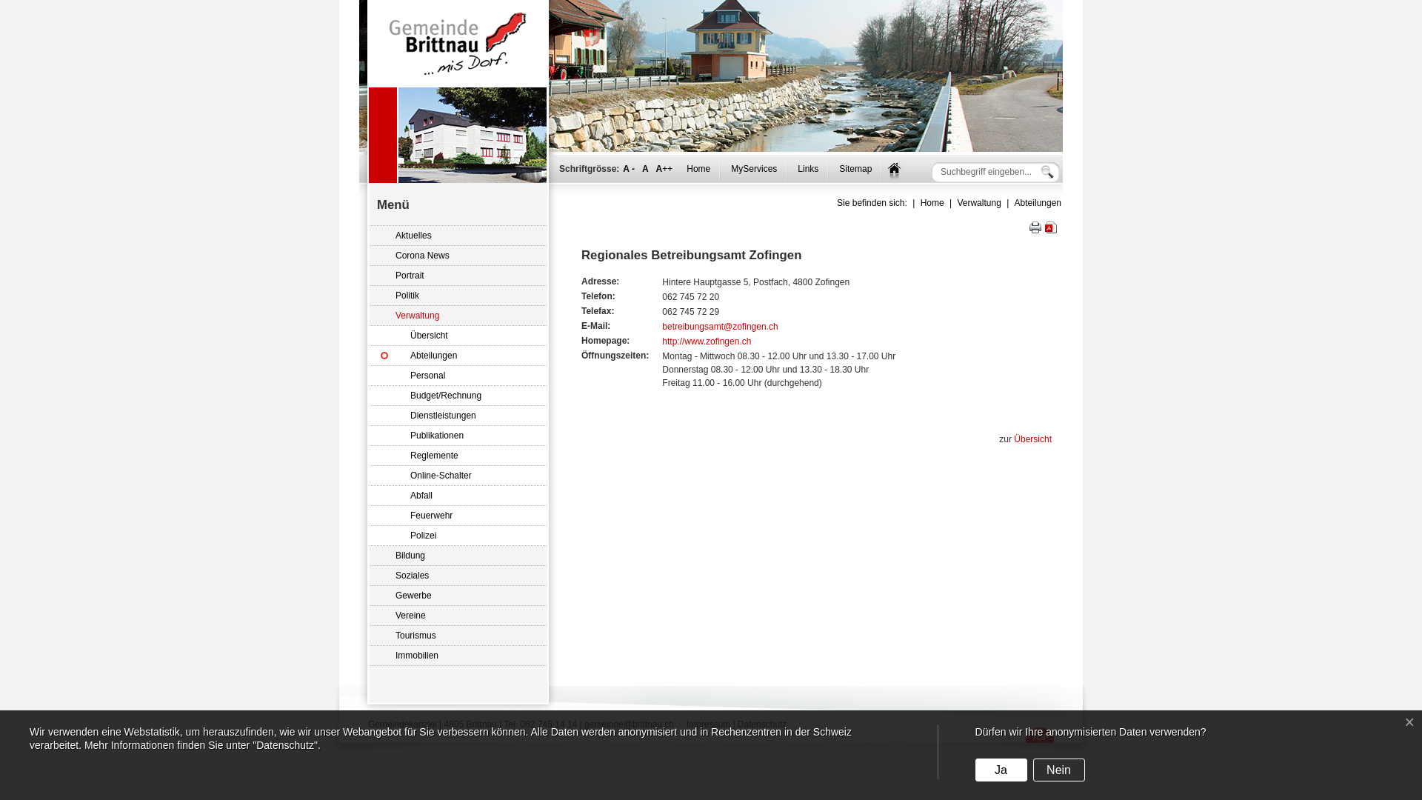  What do you see at coordinates (664, 167) in the screenshot?
I see `'A++'` at bounding box center [664, 167].